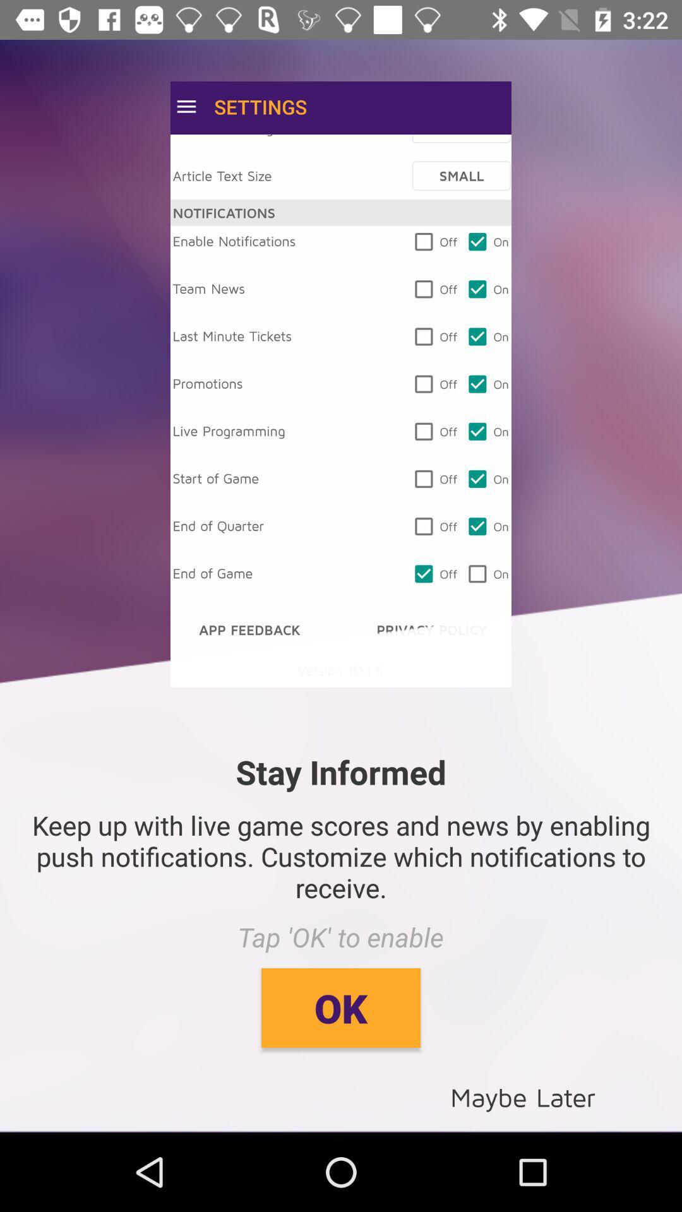  What do you see at coordinates (523, 1096) in the screenshot?
I see `the item below ok item` at bounding box center [523, 1096].